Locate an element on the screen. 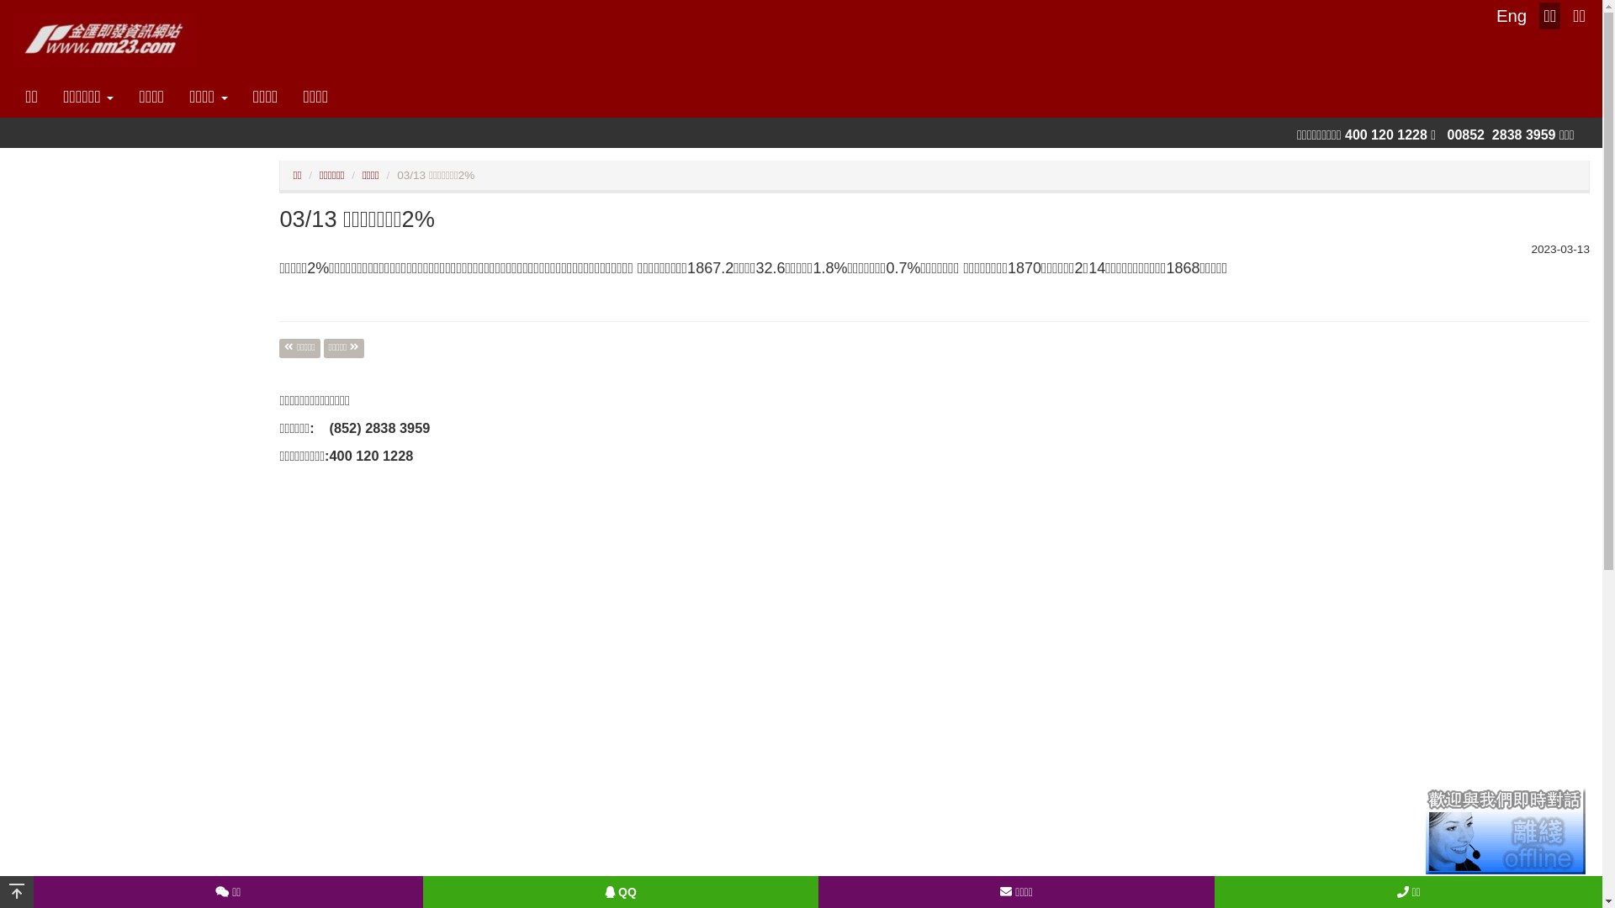 The image size is (1615, 908). 'Eng' is located at coordinates (1511, 16).